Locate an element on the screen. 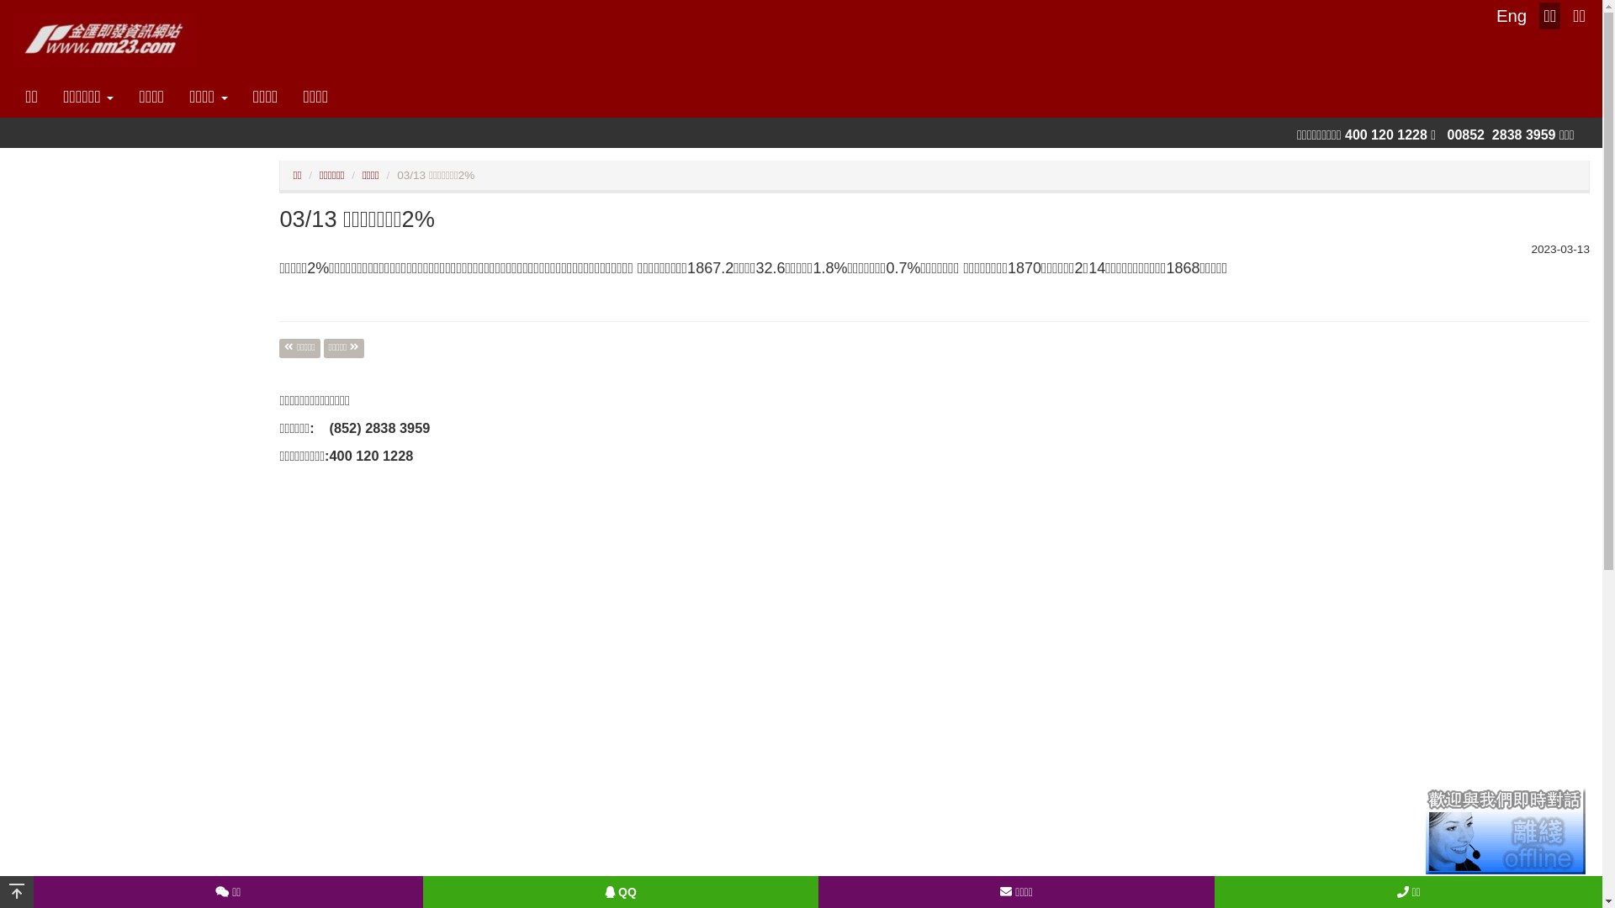 The image size is (1615, 908). 'Eng' is located at coordinates (1511, 16).